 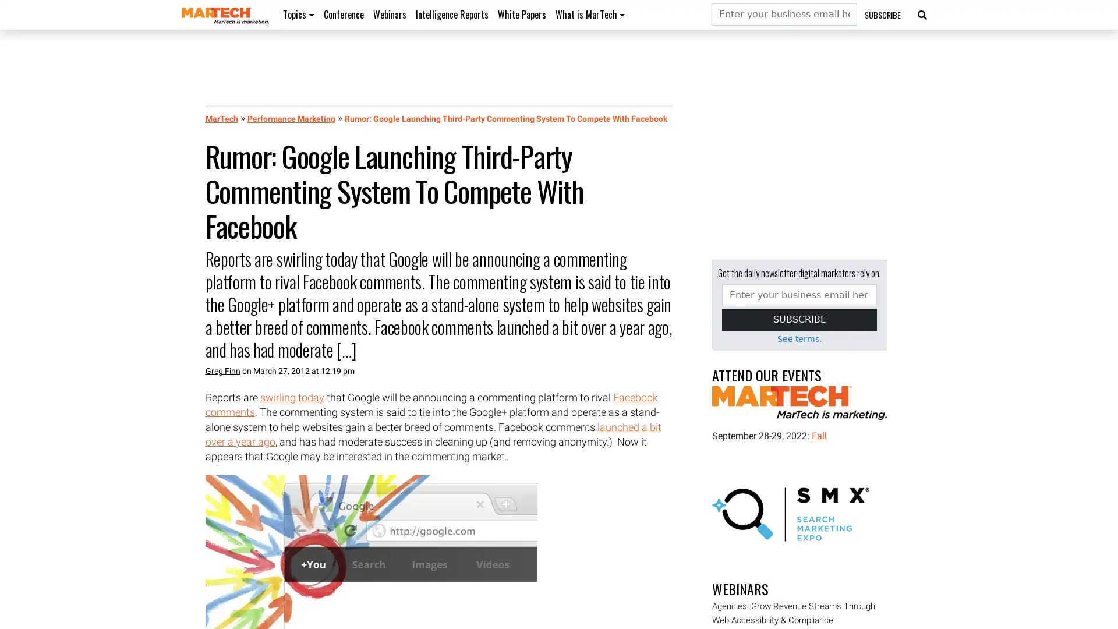 I want to click on SUBSCRIBE, so click(x=798, y=319).